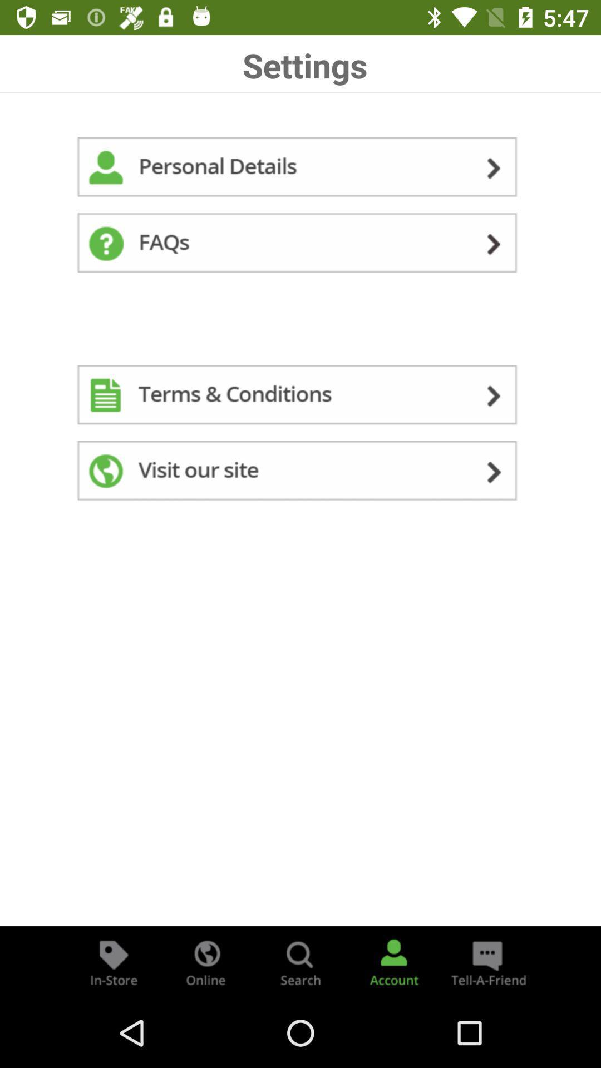 The height and width of the screenshot is (1068, 601). Describe the element at coordinates (114, 961) in the screenshot. I see `find stuff in-store` at that location.